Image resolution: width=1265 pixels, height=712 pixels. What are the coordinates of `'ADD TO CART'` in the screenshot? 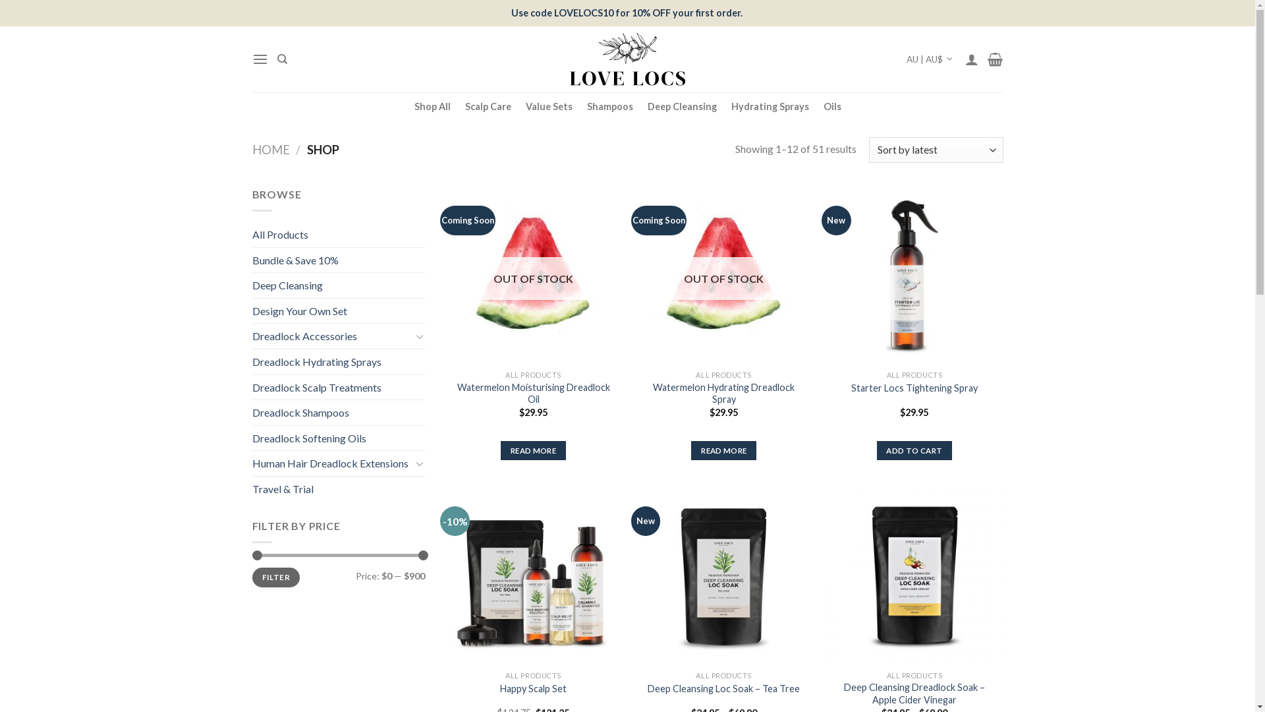 It's located at (876, 450).